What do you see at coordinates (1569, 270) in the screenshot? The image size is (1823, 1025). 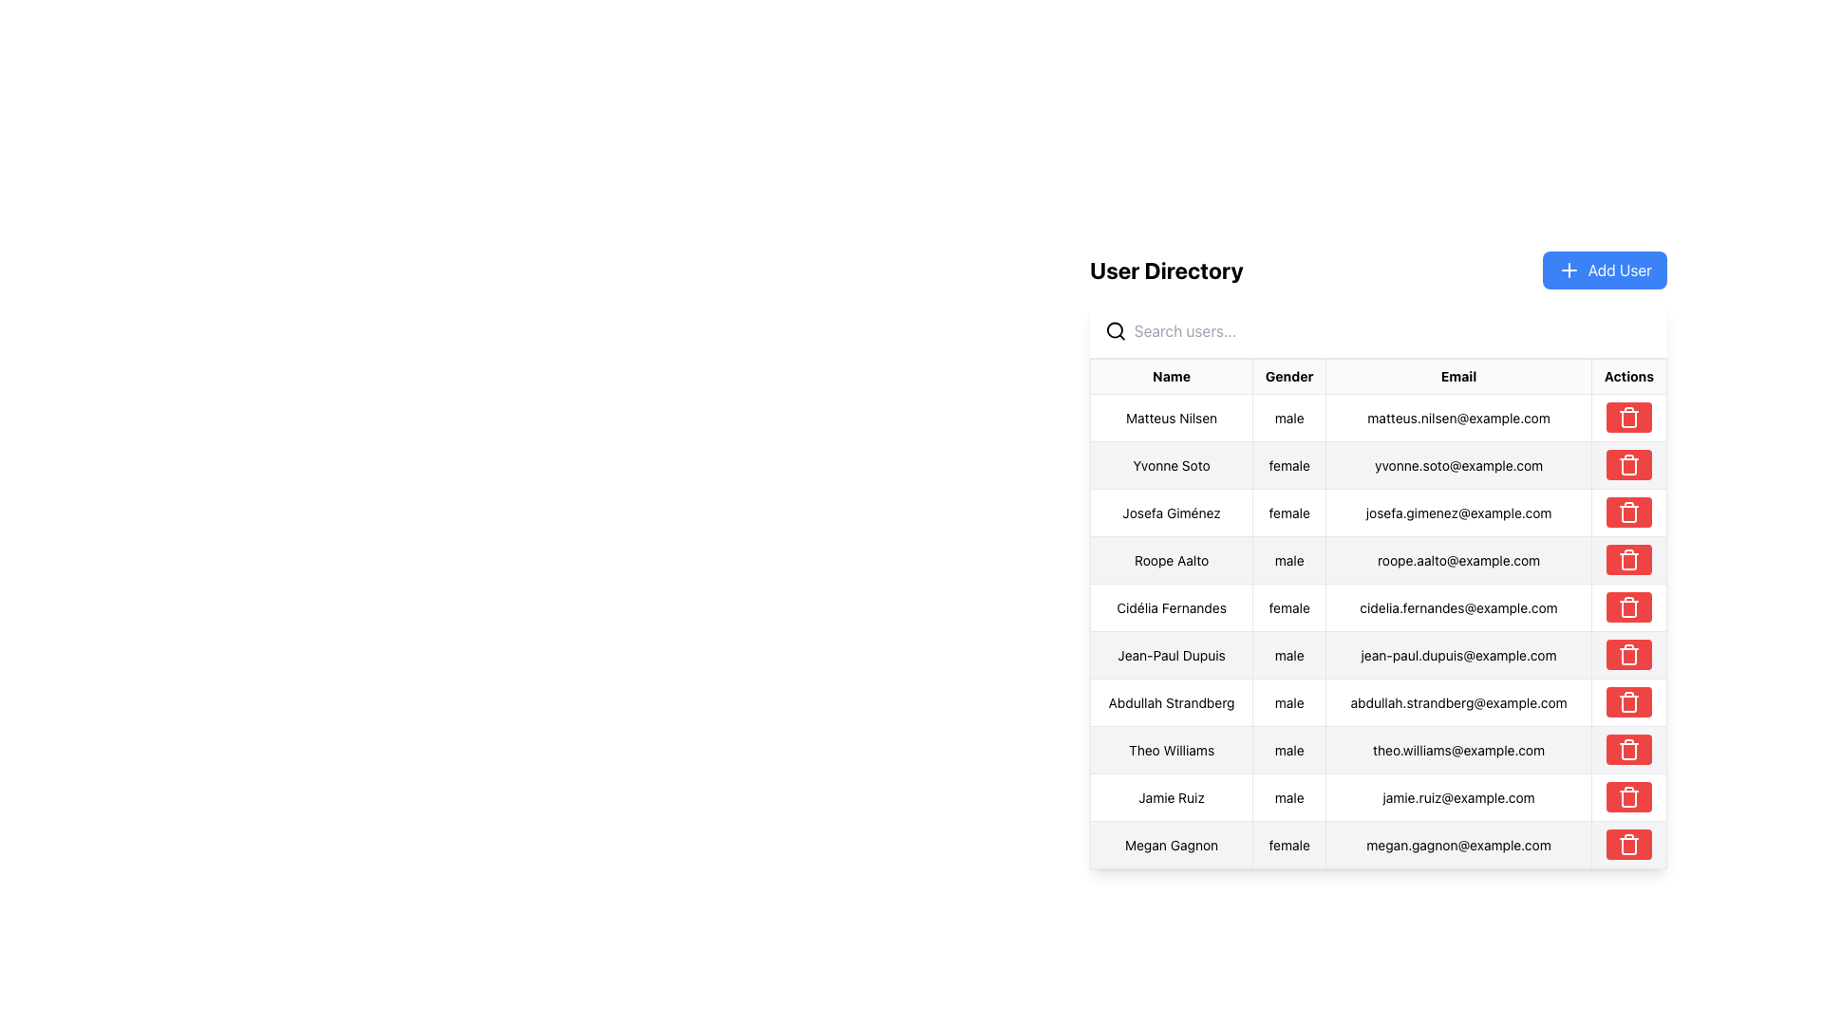 I see `the '+' icon located to the left of the 'Add User' text in the blue button at the top-right corner of the user interface` at bounding box center [1569, 270].